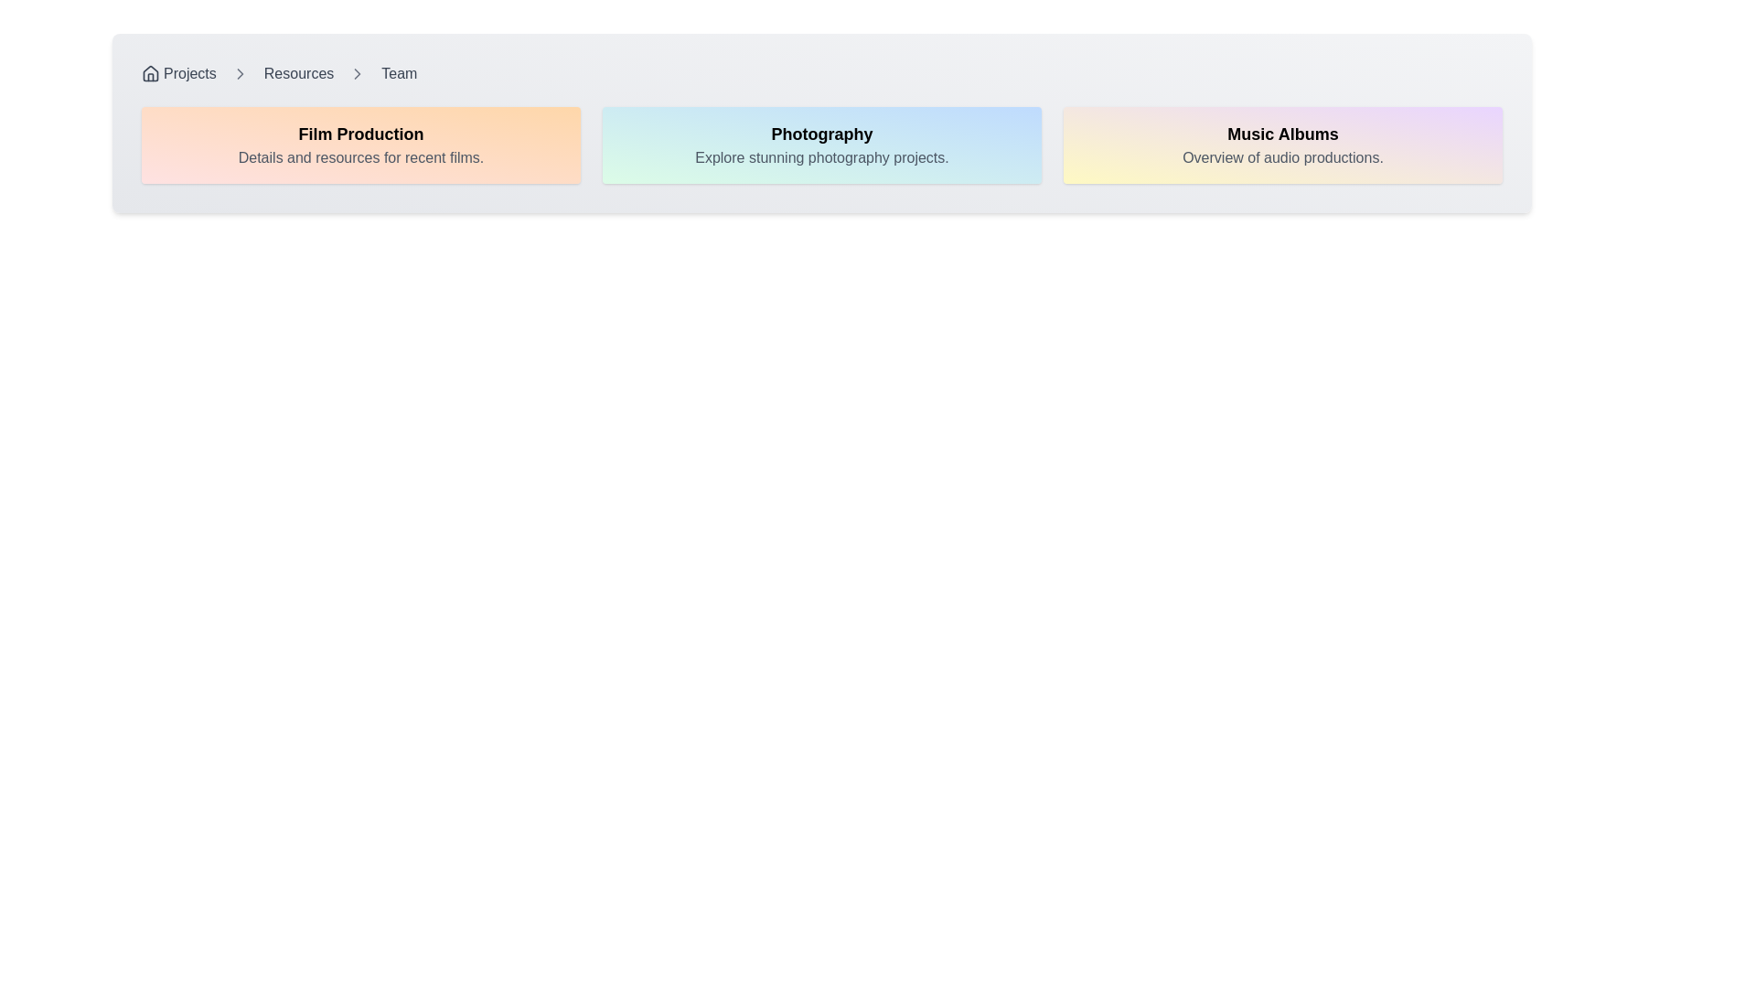  Describe the element at coordinates (239, 73) in the screenshot. I see `the right-pointing chevron icon located in the breadcrumb navigation between 'Resources' and 'Team'` at that location.